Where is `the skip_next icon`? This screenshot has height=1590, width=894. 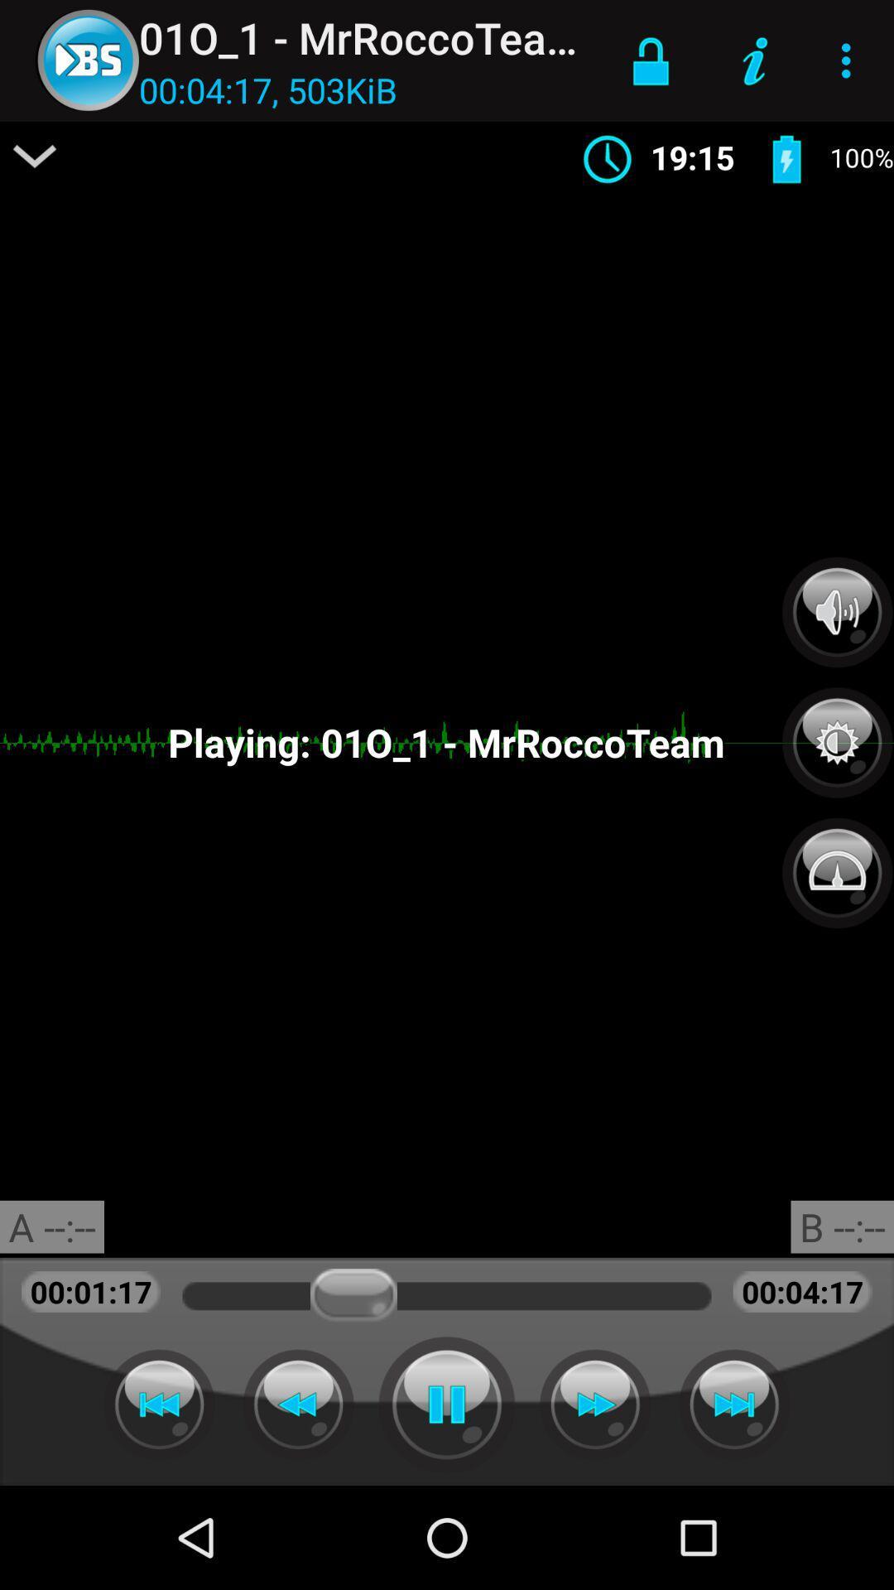 the skip_next icon is located at coordinates (733, 1404).